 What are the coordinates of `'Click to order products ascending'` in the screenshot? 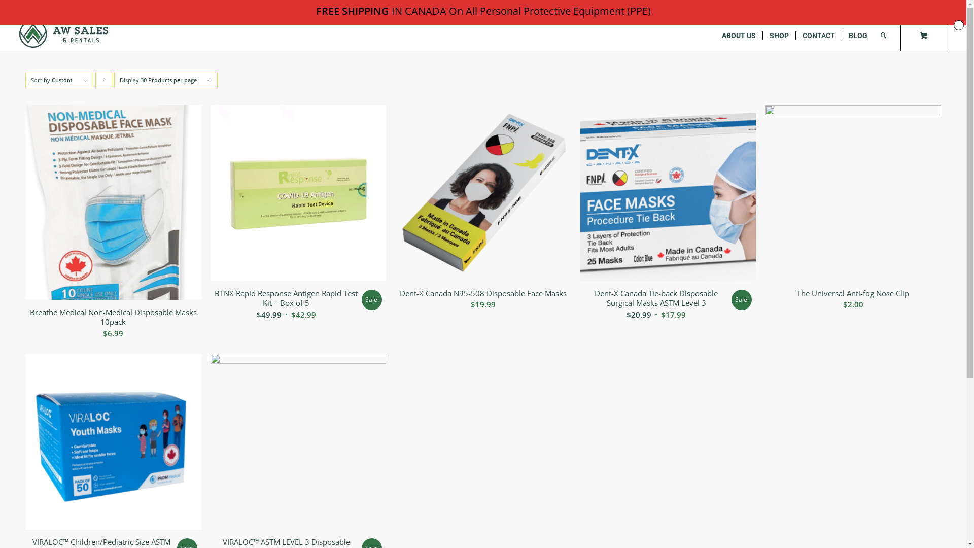 It's located at (103, 79).